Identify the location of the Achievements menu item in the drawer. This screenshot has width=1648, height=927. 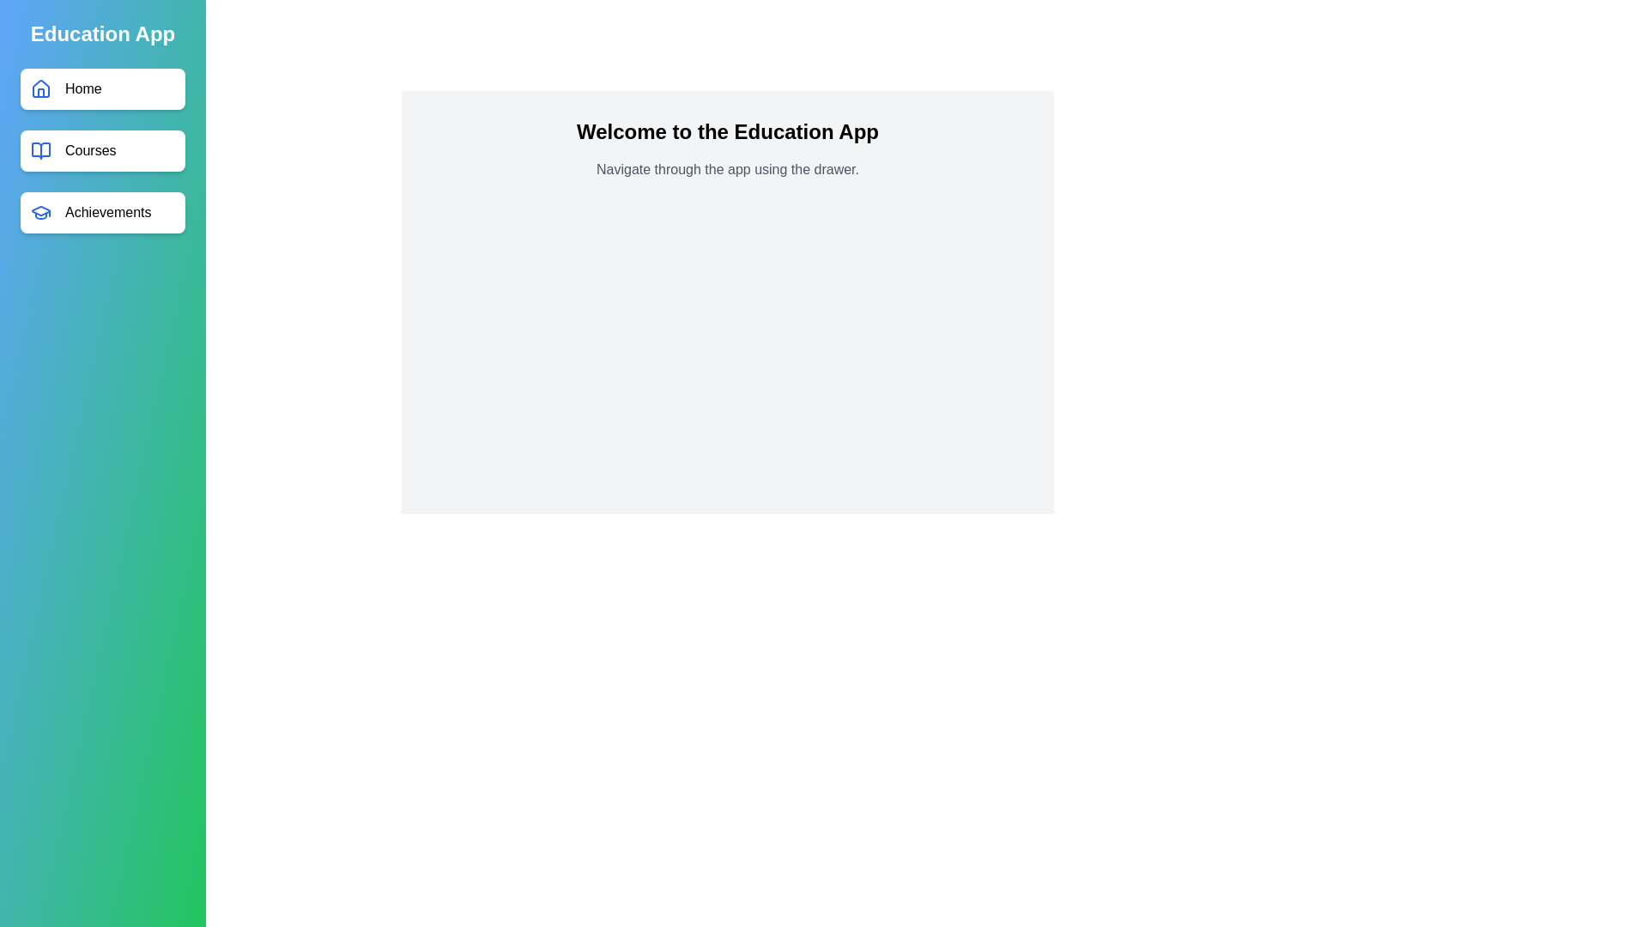
(102, 211).